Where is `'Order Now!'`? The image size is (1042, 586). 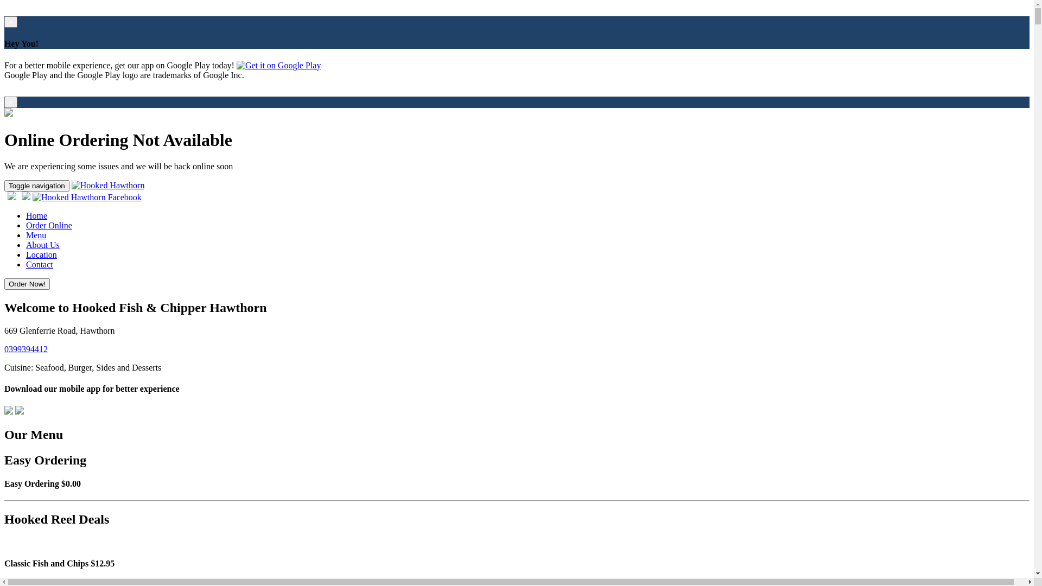 'Order Now!' is located at coordinates (4, 283).